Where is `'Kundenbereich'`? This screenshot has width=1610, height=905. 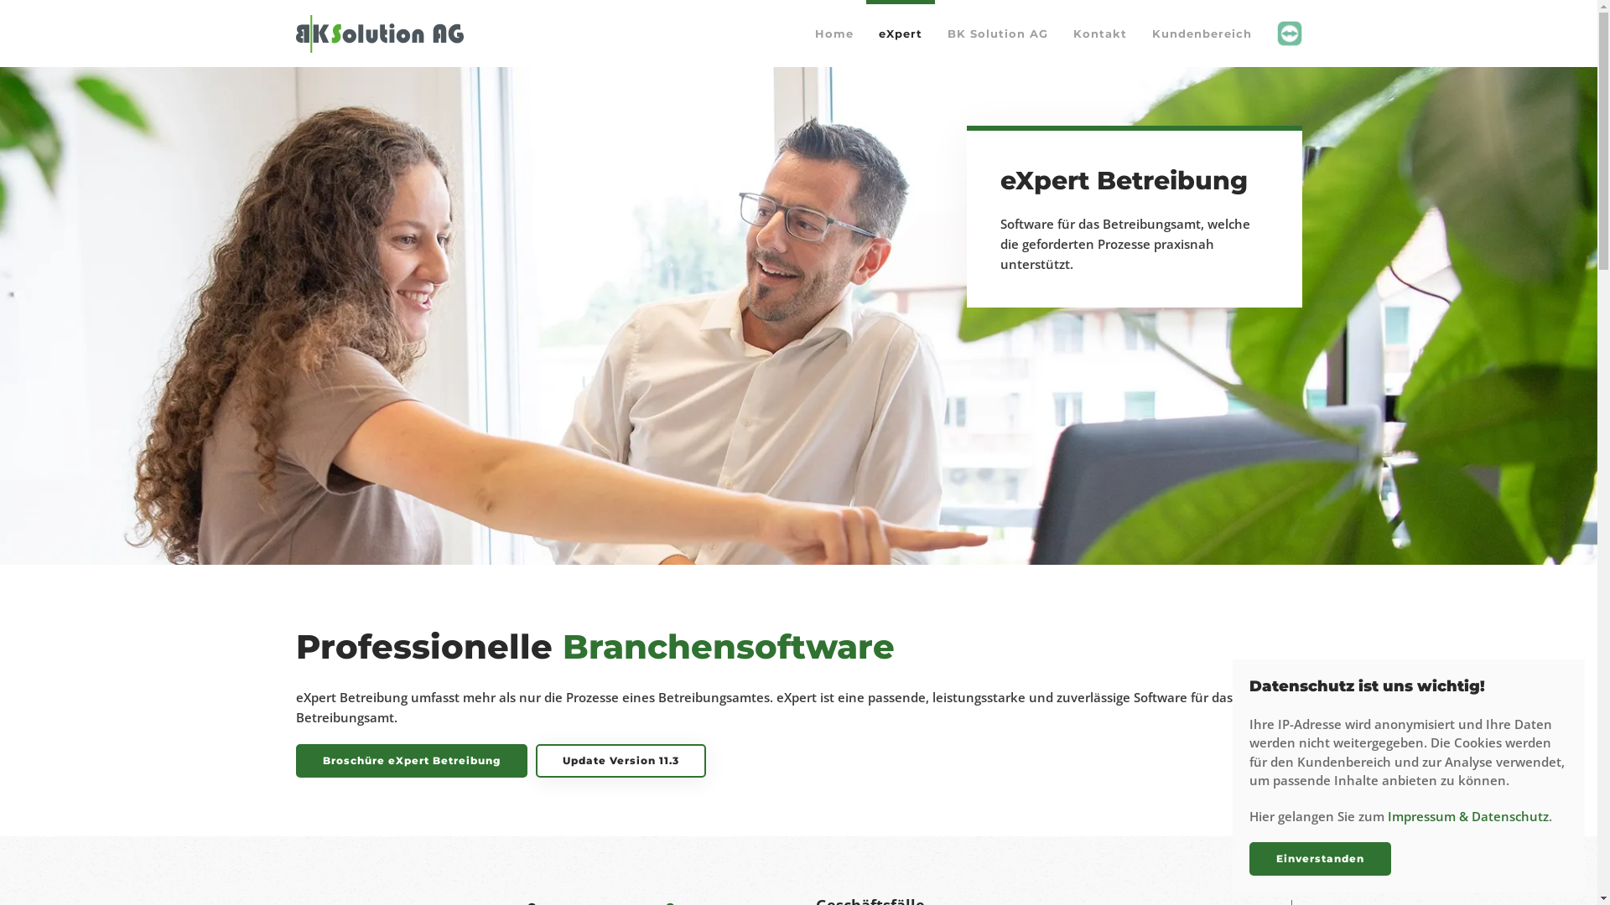
'Kundenbereich' is located at coordinates (1200, 33).